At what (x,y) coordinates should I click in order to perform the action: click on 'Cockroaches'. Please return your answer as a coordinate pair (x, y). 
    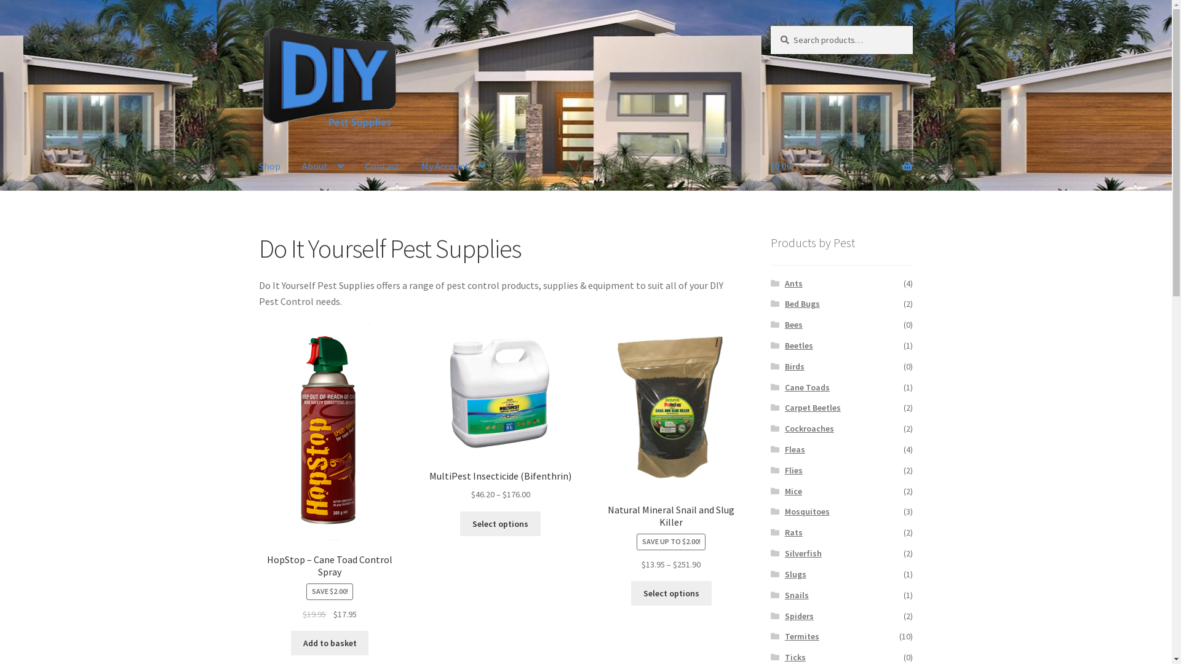
    Looking at the image, I should click on (809, 428).